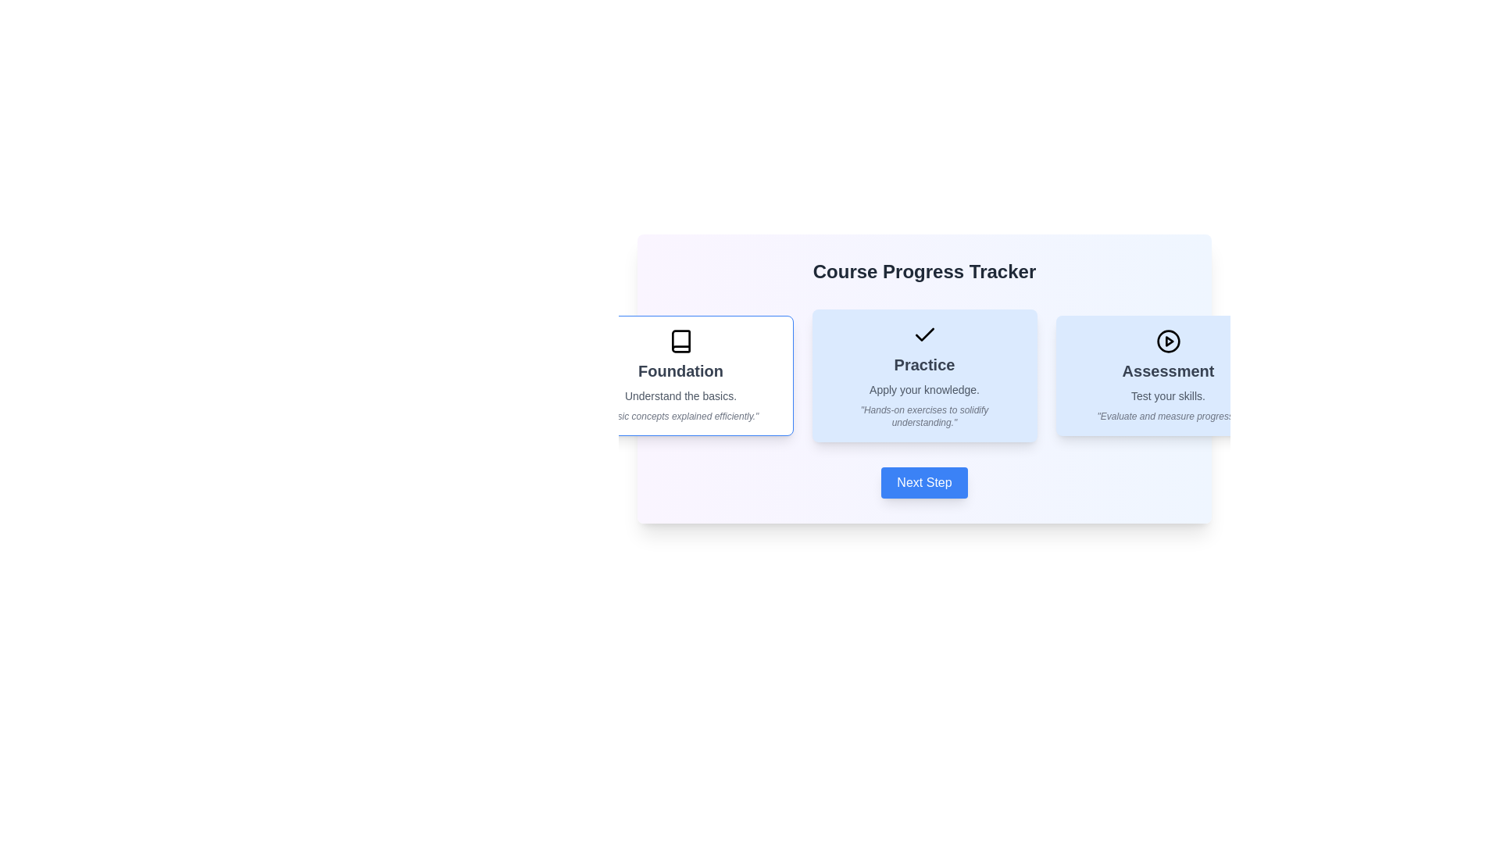 This screenshot has height=844, width=1500. Describe the element at coordinates (680, 376) in the screenshot. I see `the Informational Card titled 'Foundation' which contains a book icon, dark gray bold heading, lighter gray subheading, and an italicized description at the bottom` at that location.